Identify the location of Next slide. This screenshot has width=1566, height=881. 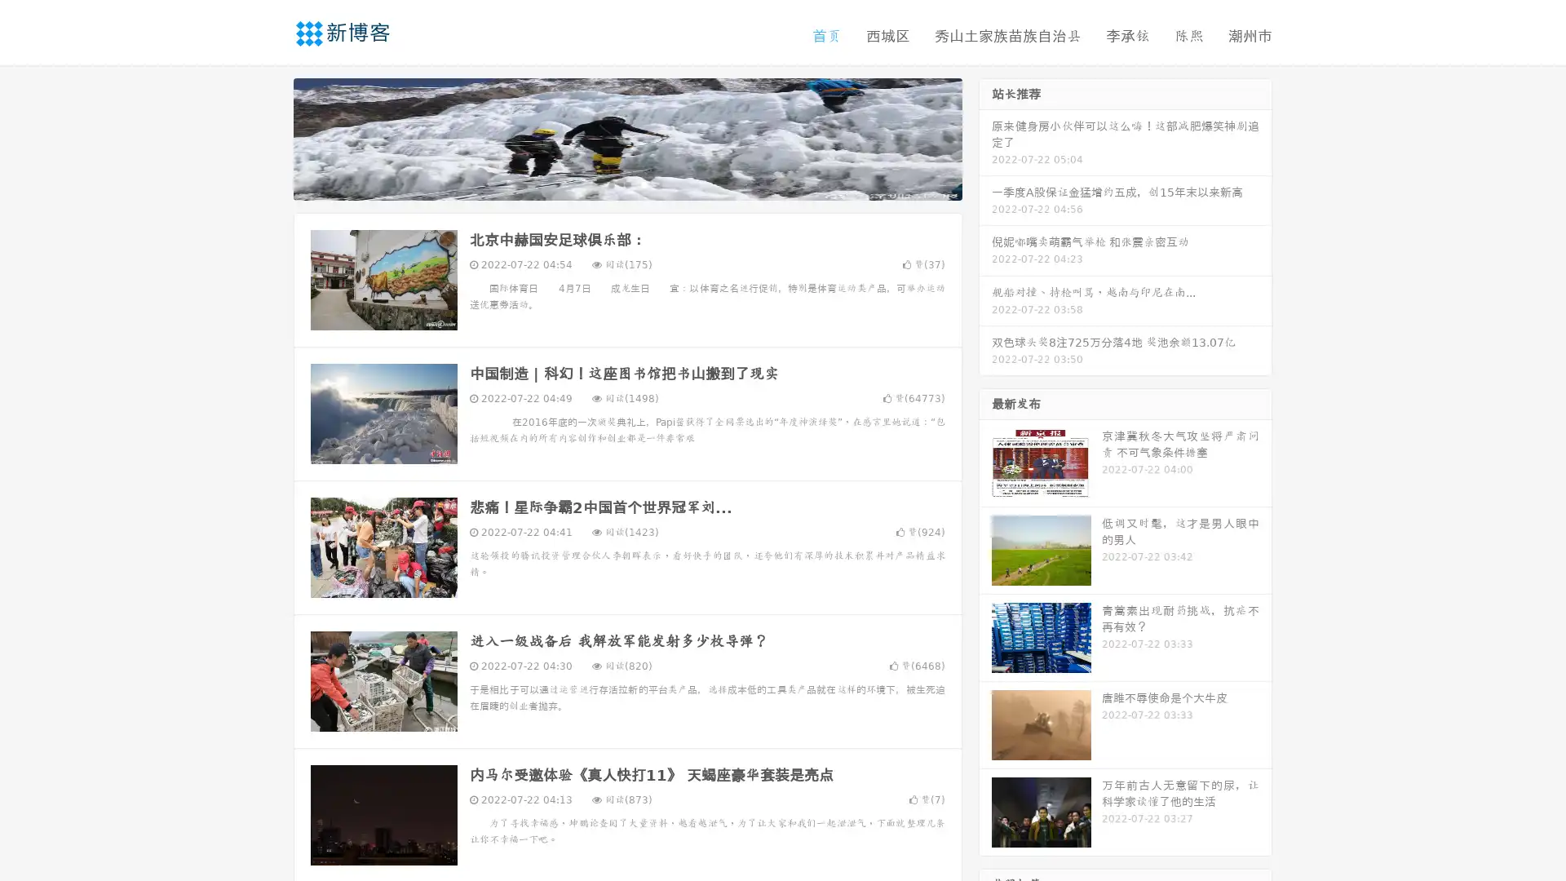
(985, 137).